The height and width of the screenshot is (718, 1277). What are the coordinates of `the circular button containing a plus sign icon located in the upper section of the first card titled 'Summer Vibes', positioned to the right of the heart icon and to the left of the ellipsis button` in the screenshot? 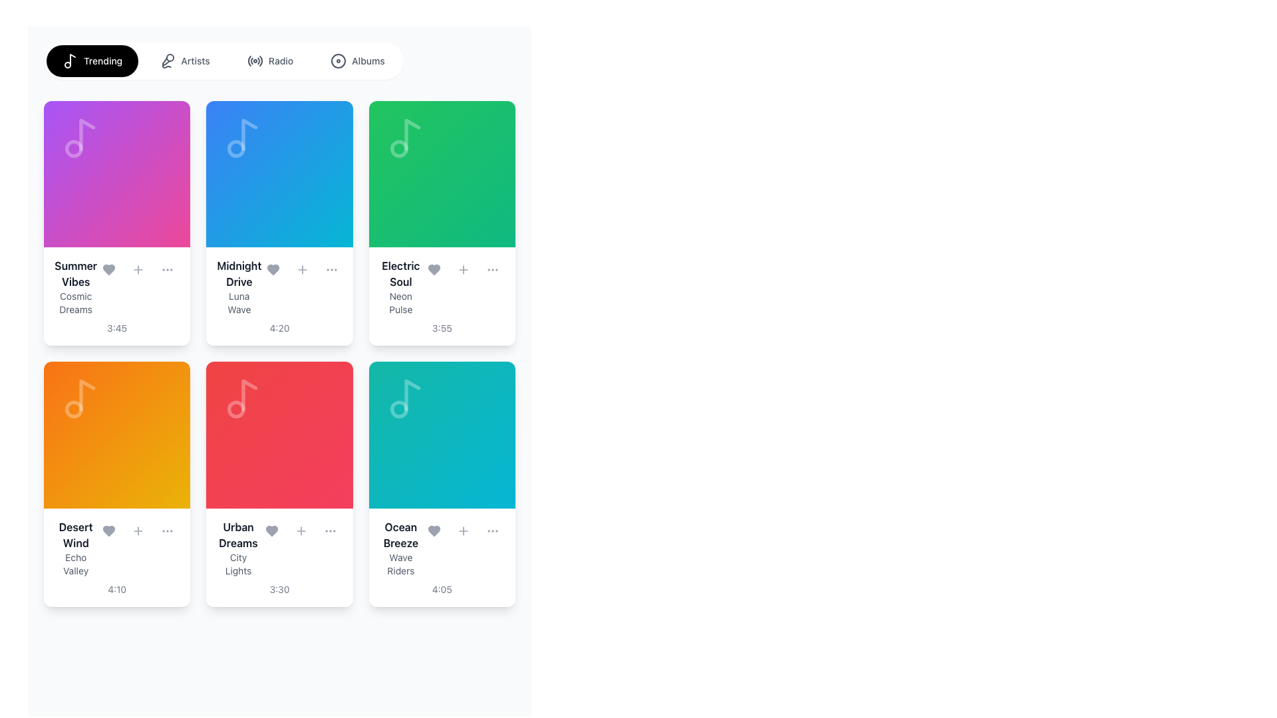 It's located at (138, 269).